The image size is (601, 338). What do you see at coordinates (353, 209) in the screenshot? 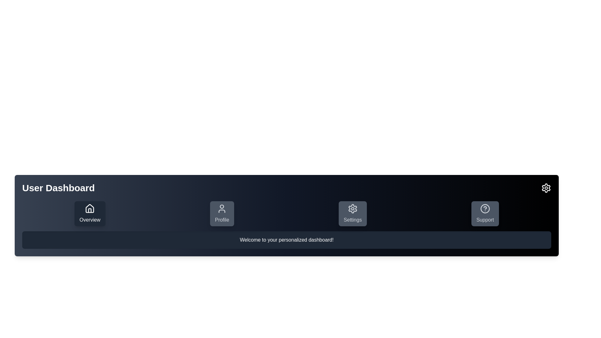
I see `the gear icon in the 'Settings' button located in the middle-right section of the application's navigation bar` at bounding box center [353, 209].